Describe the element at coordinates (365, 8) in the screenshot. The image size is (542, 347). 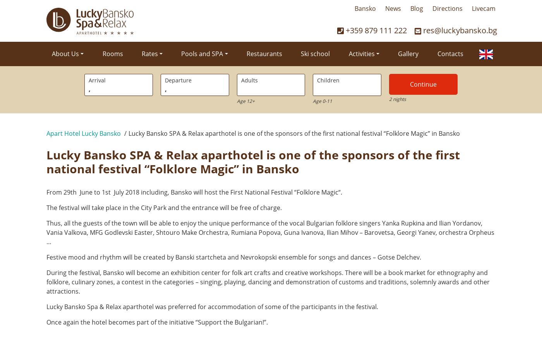
I see `'Bansko'` at that location.